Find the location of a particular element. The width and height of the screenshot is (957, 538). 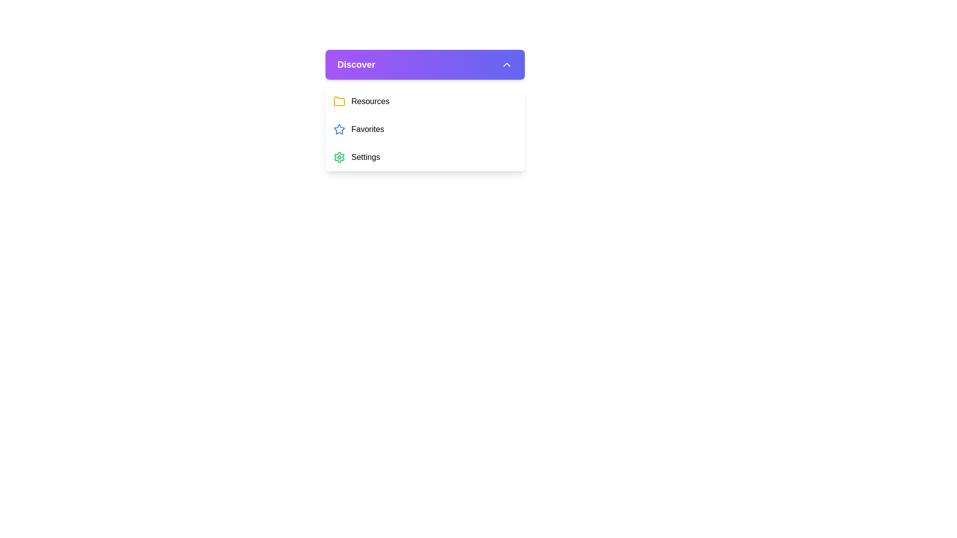

the settings icon located in the 'Discover' menu, adjacent to the 'Settings' label is located at coordinates (339, 157).